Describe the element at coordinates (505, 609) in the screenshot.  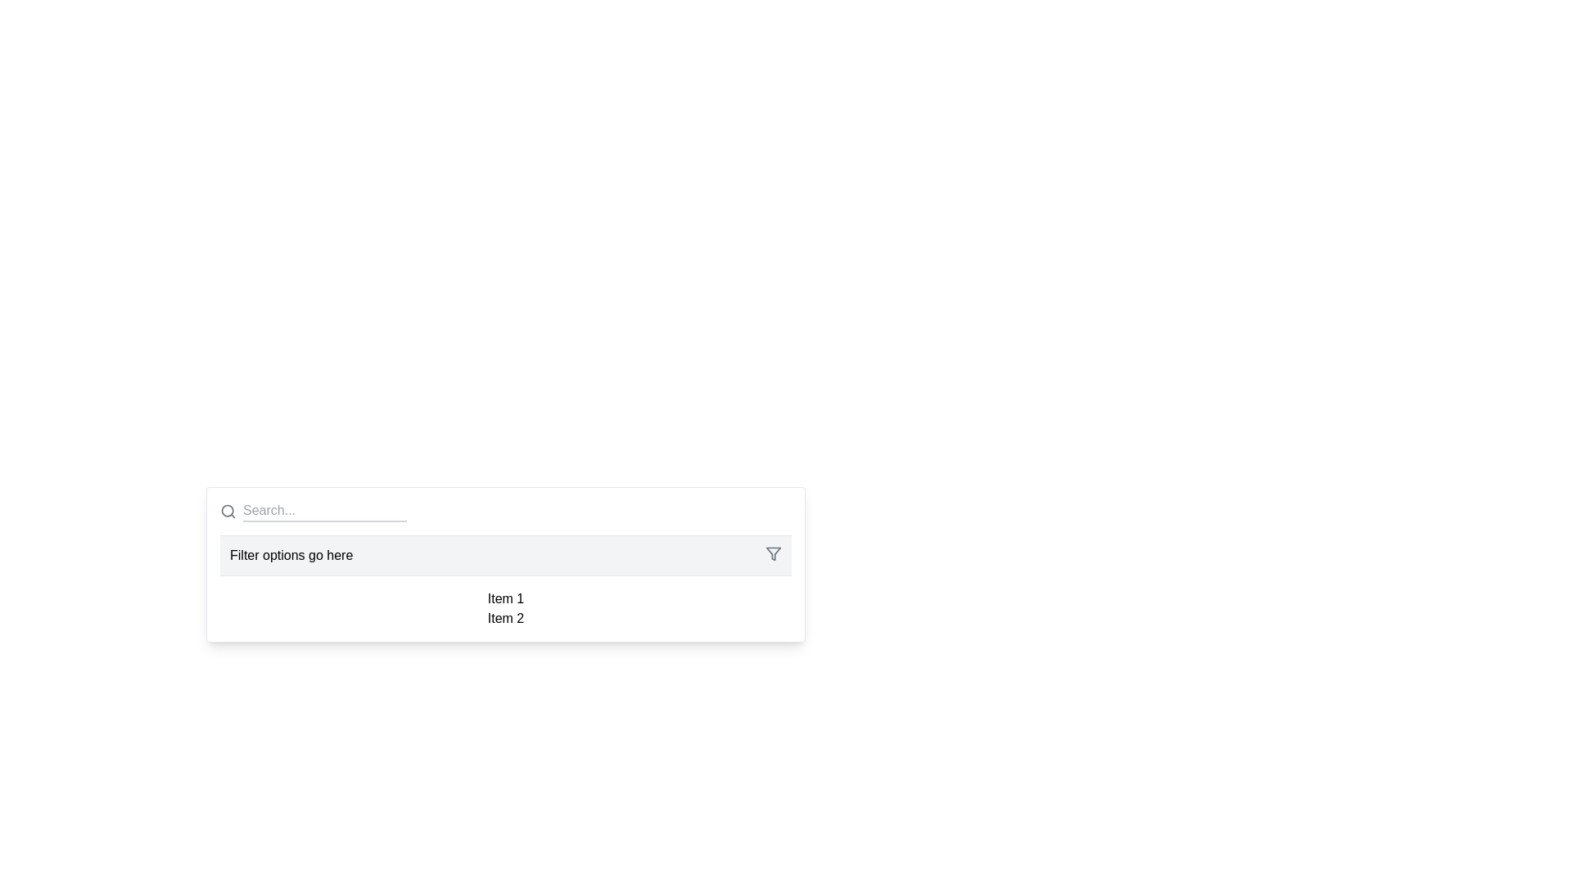
I see `the static text label or information panel that displays 'Item 1' and 'Item 2', located below 'Filter options go here'` at that location.